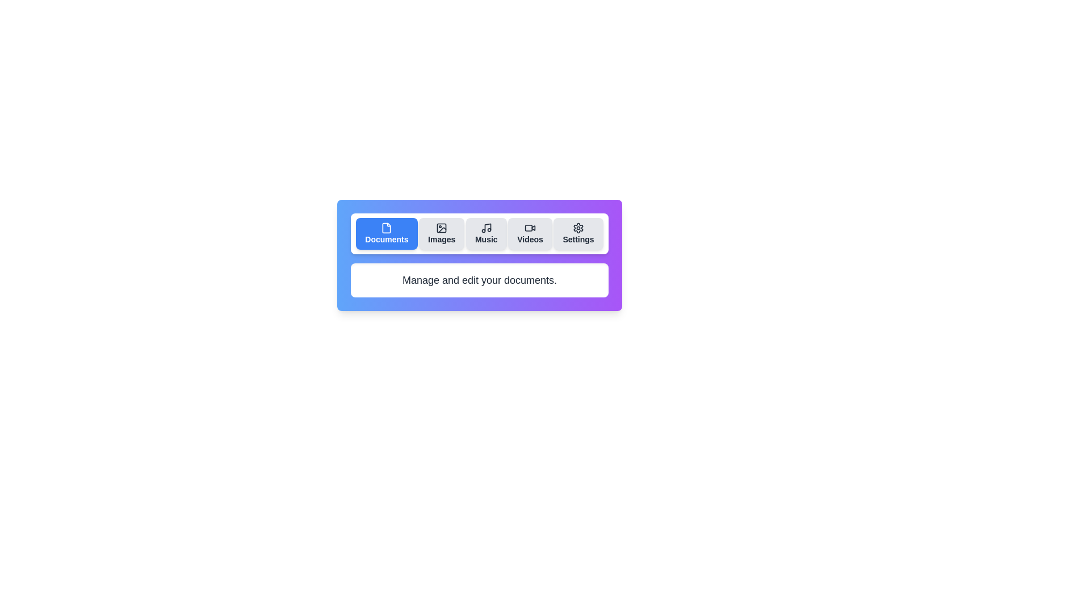  I want to click on the tab labeled Videos to view its content, so click(530, 233).